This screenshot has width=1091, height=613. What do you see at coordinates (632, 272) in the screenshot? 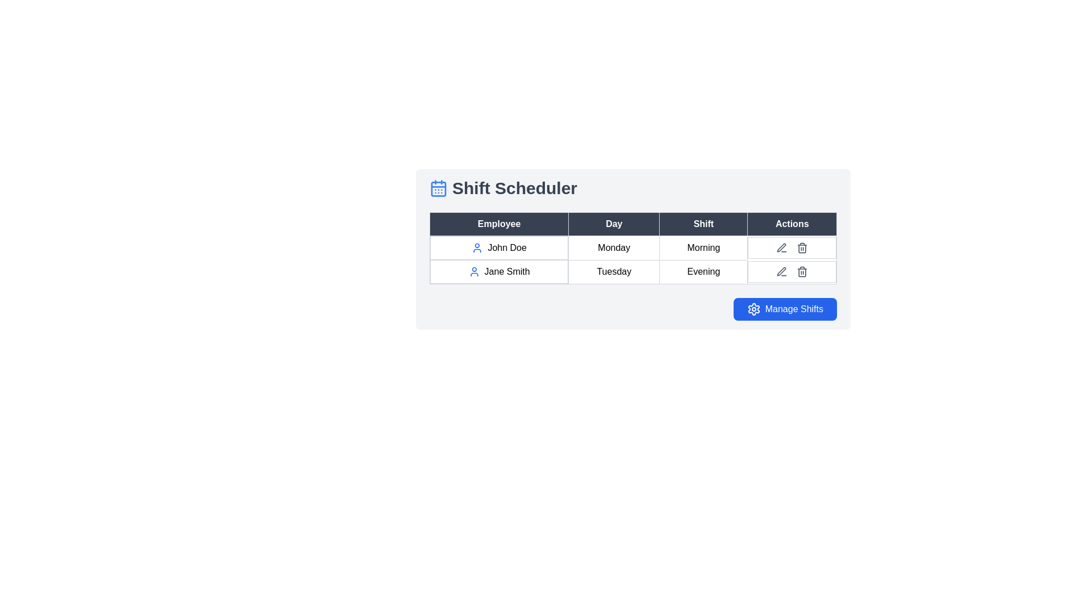
I see `the second row of the table that displays information about an individual shift, including the assignee's name, the day, and the time` at bounding box center [632, 272].